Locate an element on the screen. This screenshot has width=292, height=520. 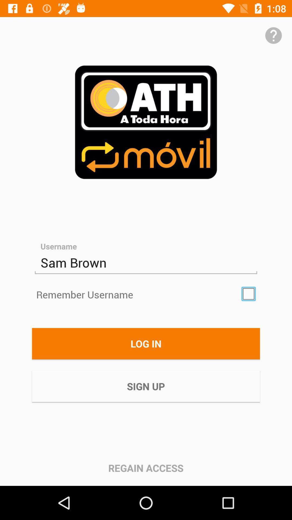
the item above the regain access icon is located at coordinates (146, 386).